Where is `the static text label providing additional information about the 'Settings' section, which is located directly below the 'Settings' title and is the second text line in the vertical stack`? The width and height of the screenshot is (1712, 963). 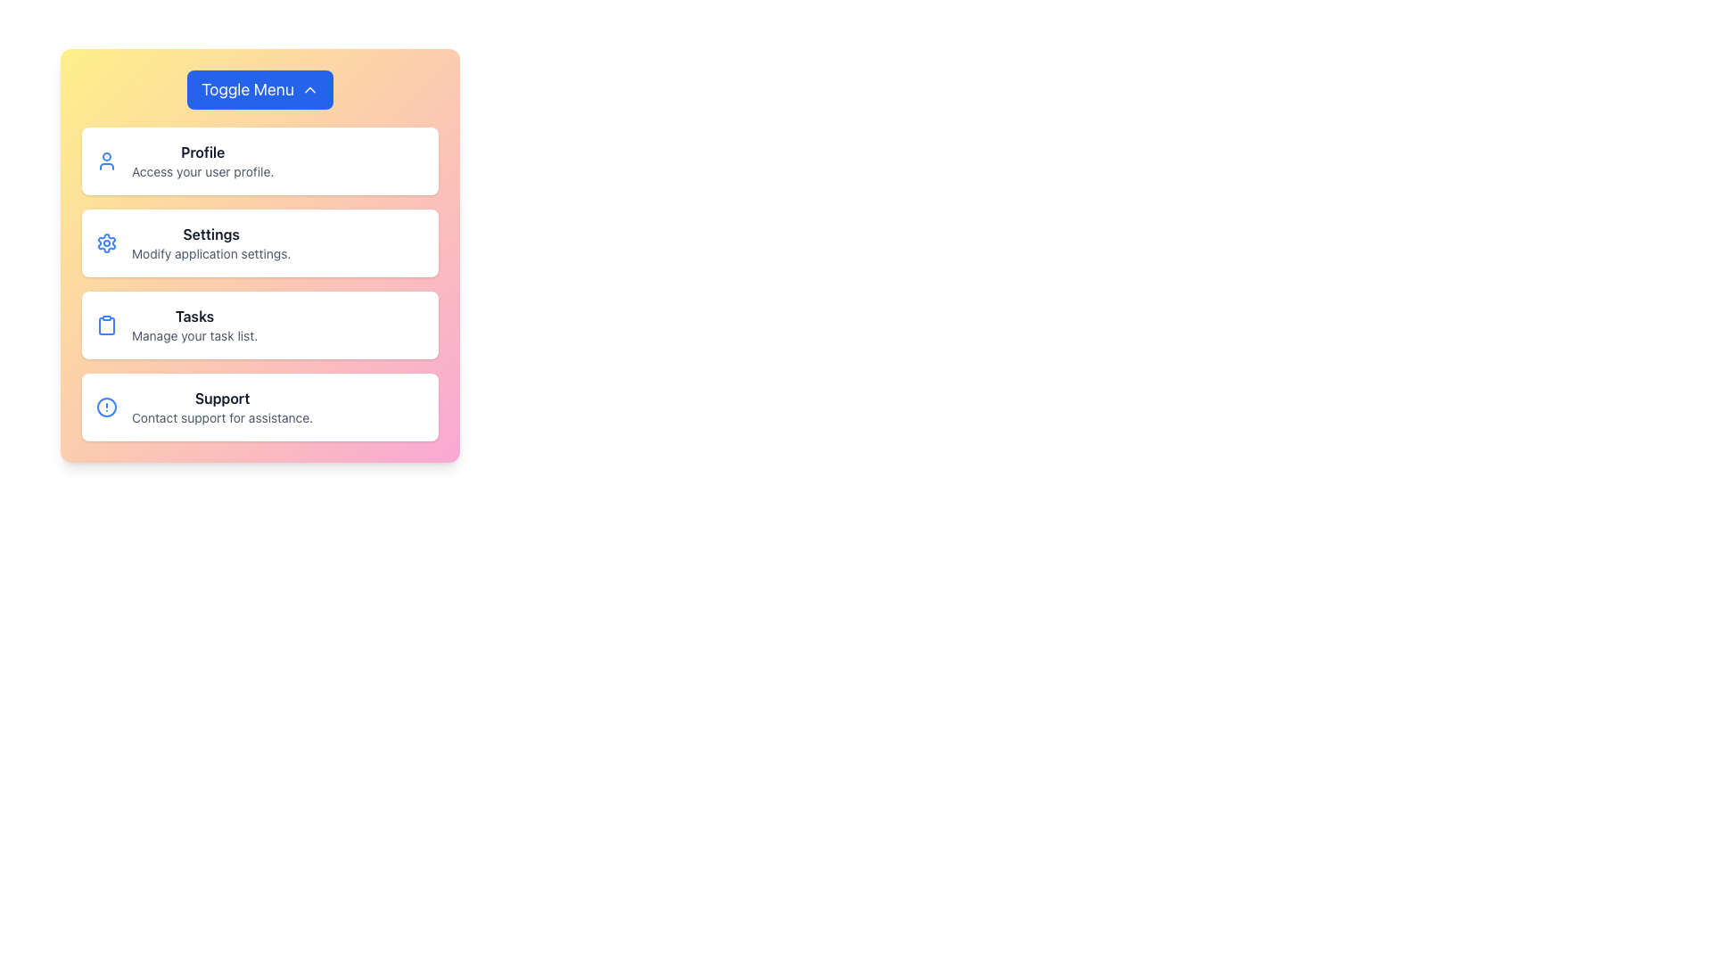
the static text label providing additional information about the 'Settings' section, which is located directly below the 'Settings' title and is the second text line in the vertical stack is located at coordinates (211, 254).